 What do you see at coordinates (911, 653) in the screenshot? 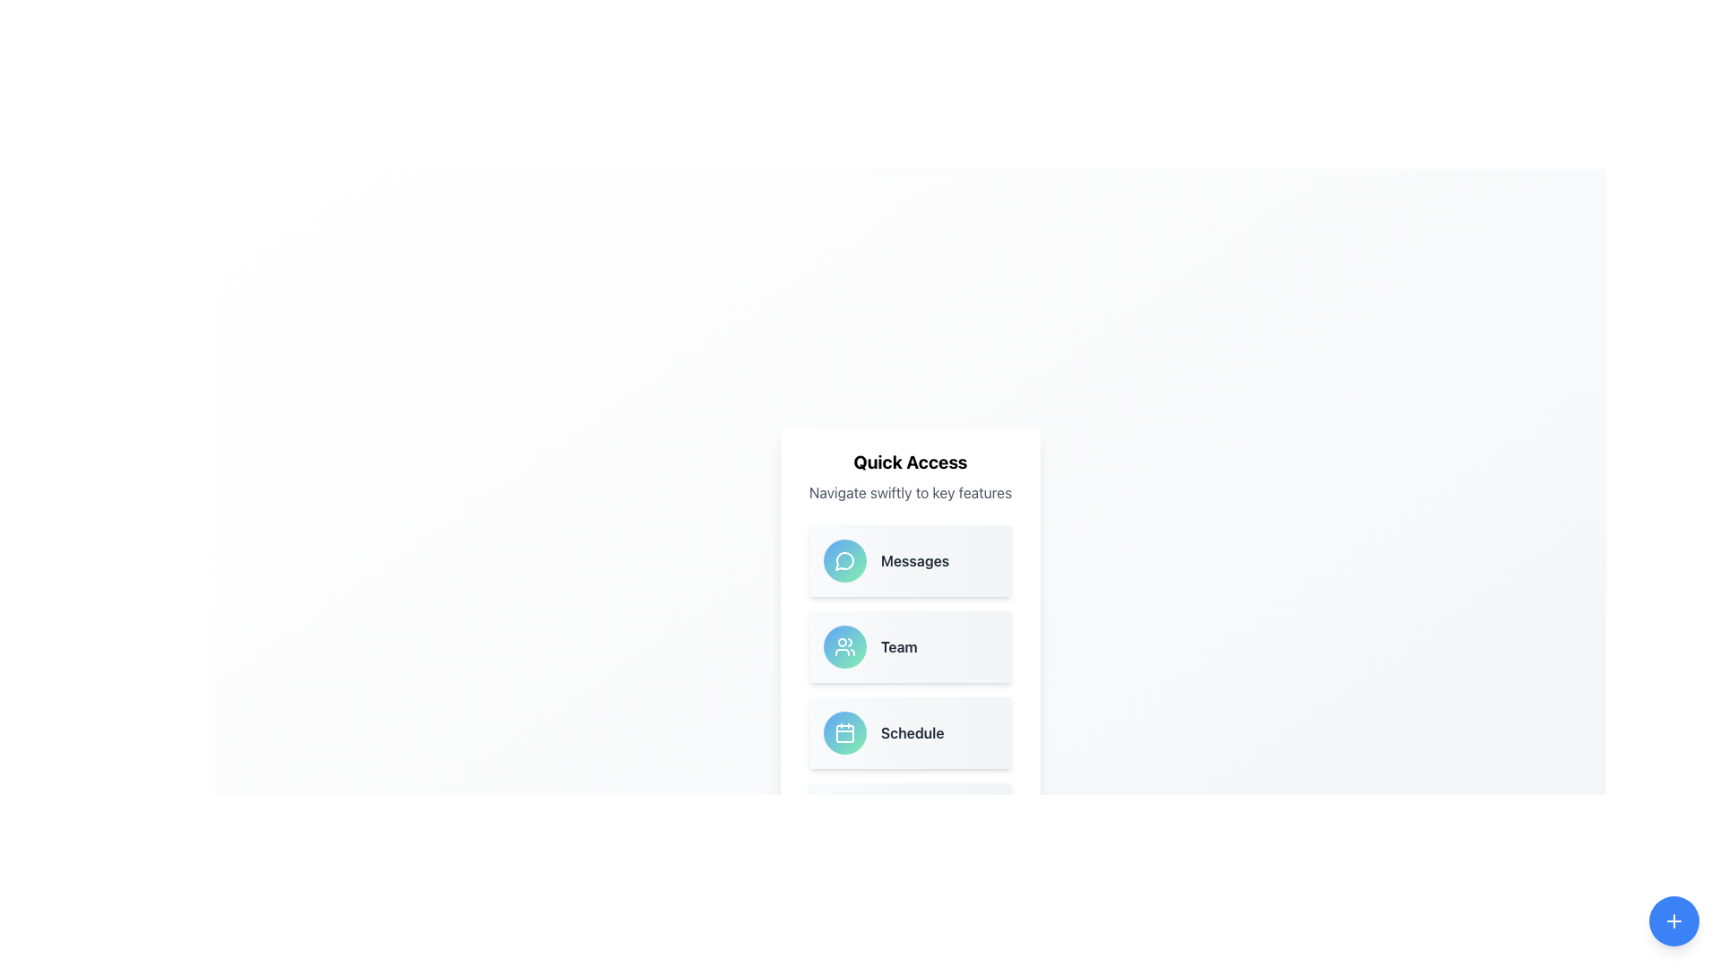
I see `the second interactive card in the vertical stack, which navigates to the 'Team' related page` at bounding box center [911, 653].